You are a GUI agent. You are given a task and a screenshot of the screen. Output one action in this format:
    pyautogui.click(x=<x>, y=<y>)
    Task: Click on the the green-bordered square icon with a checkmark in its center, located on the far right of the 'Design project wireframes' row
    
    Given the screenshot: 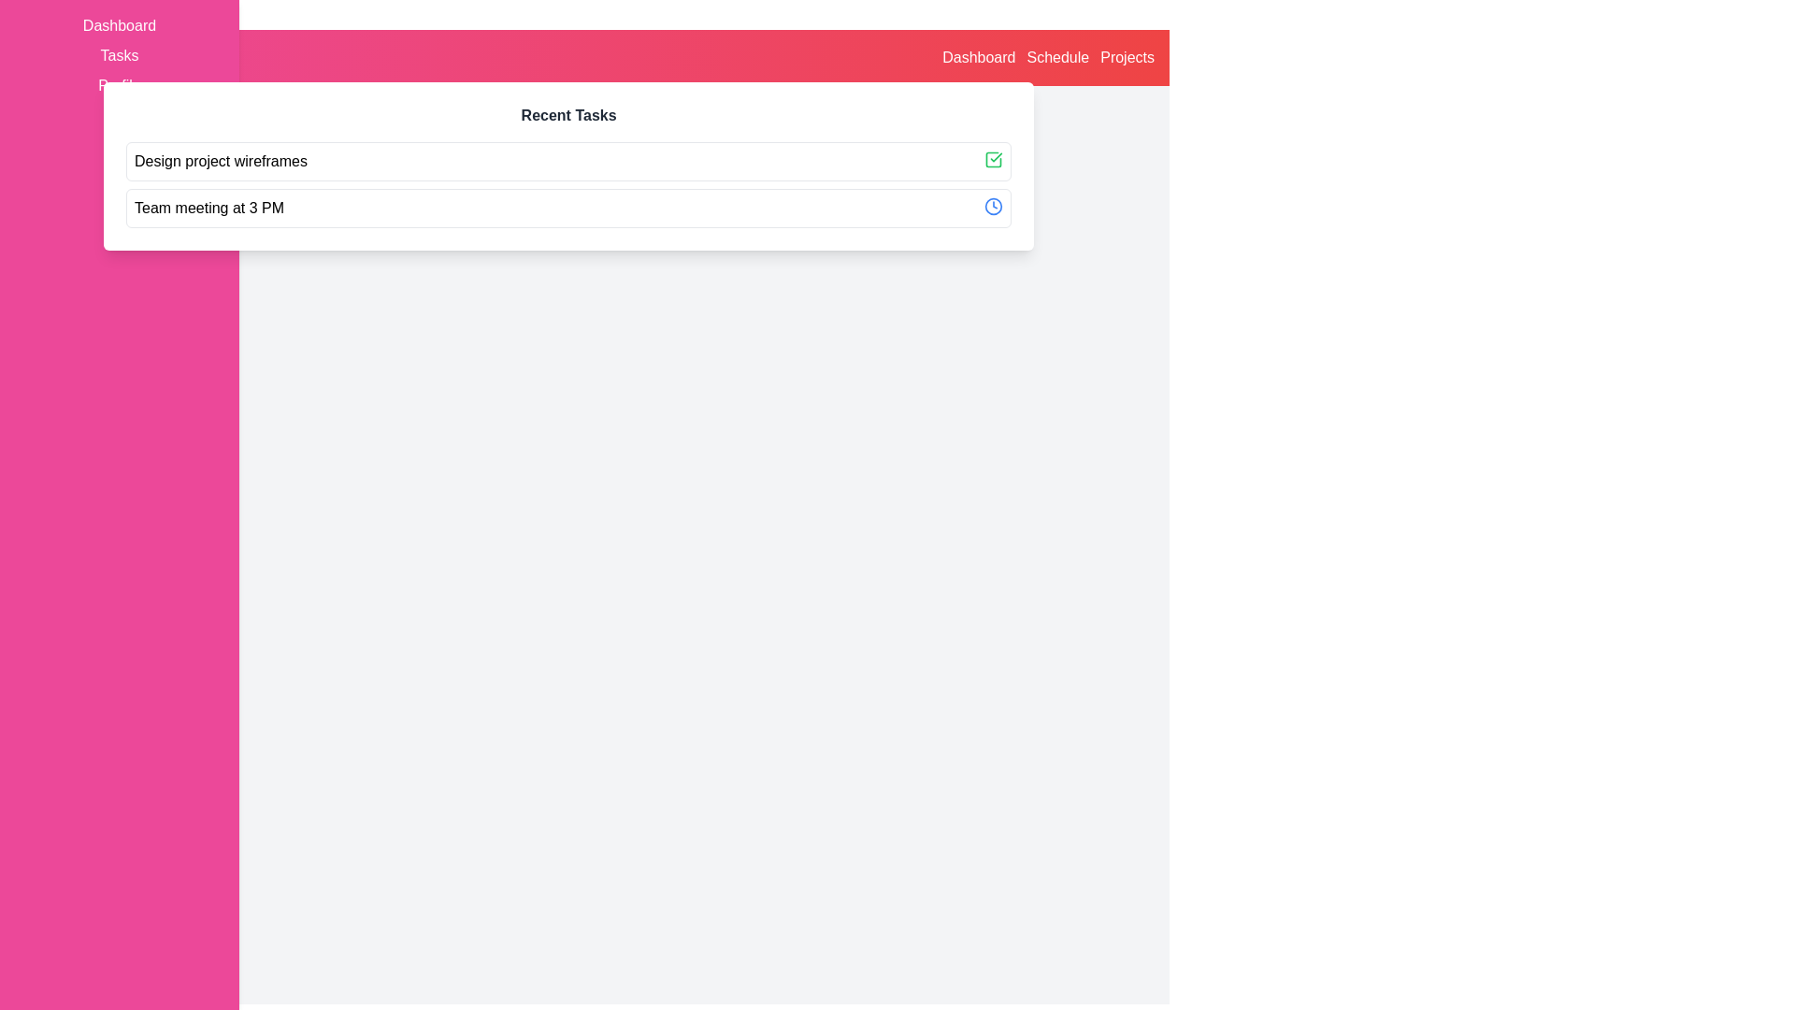 What is the action you would take?
    pyautogui.click(x=993, y=158)
    